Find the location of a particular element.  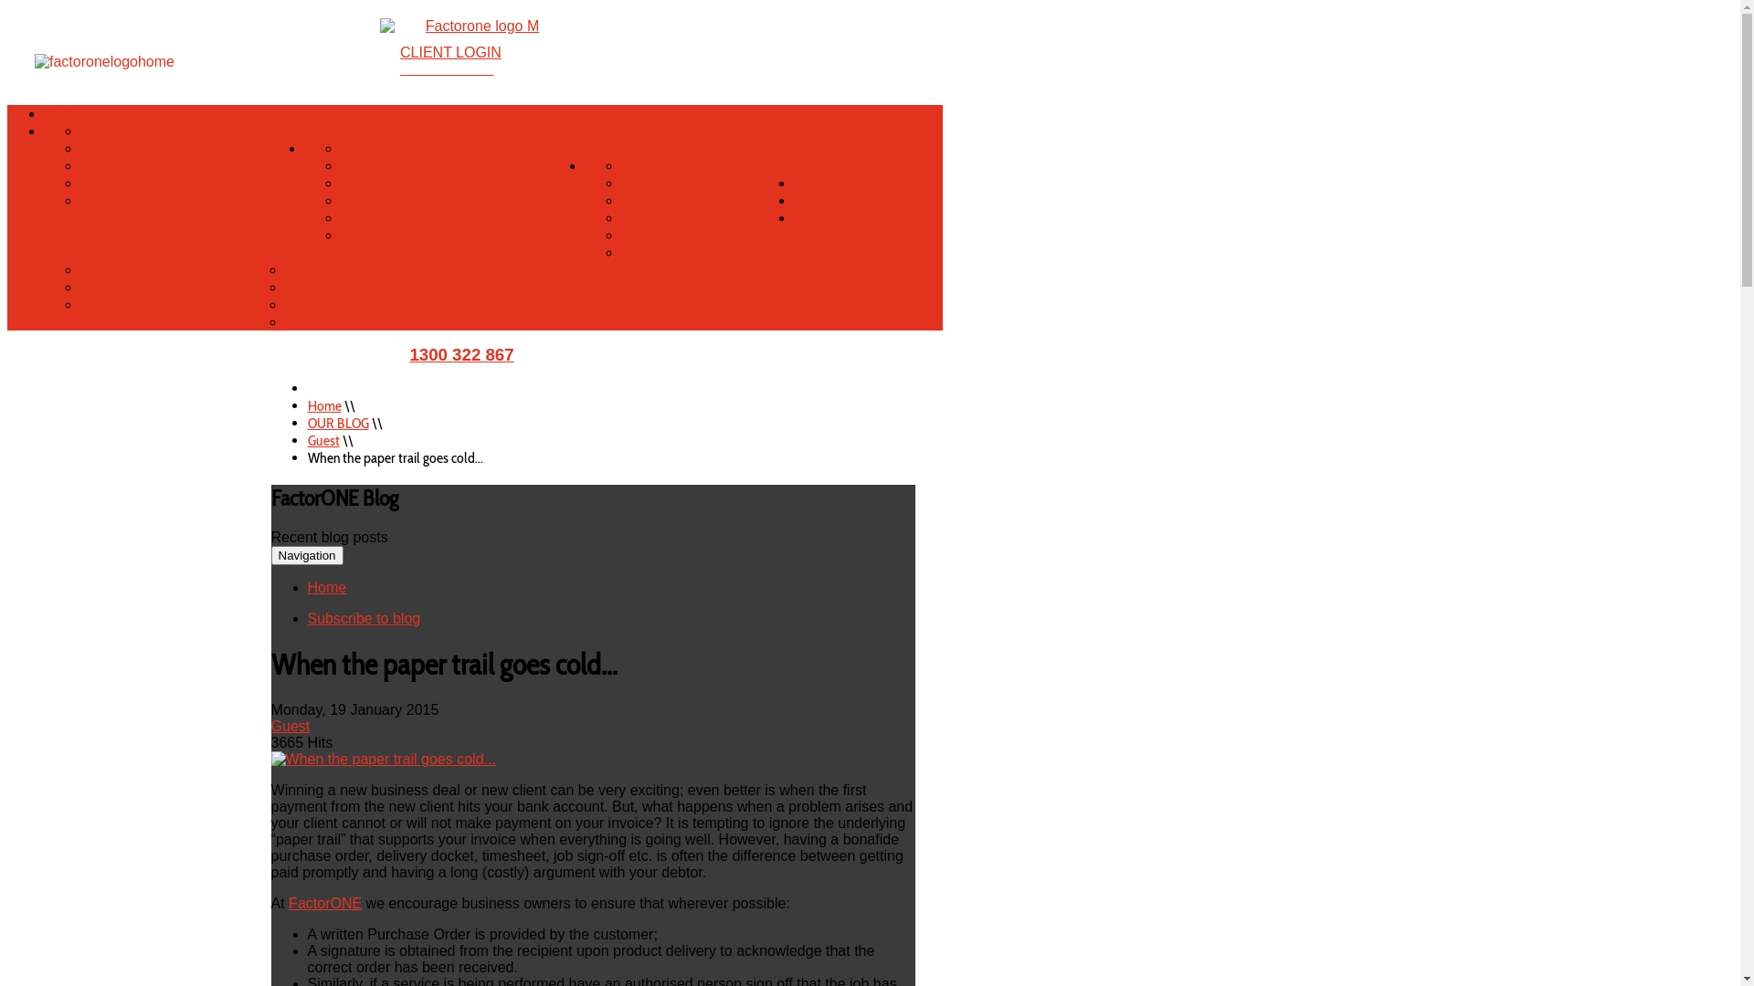

'Navigation' is located at coordinates (307, 554).